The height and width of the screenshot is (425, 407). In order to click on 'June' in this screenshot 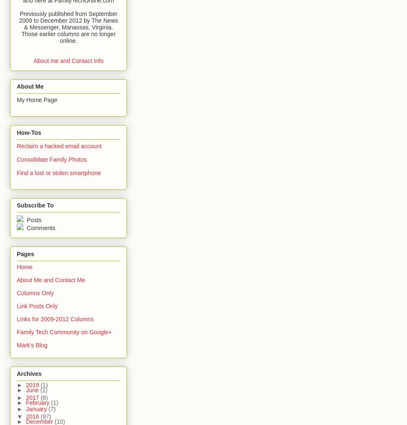, I will do `click(32, 390)`.